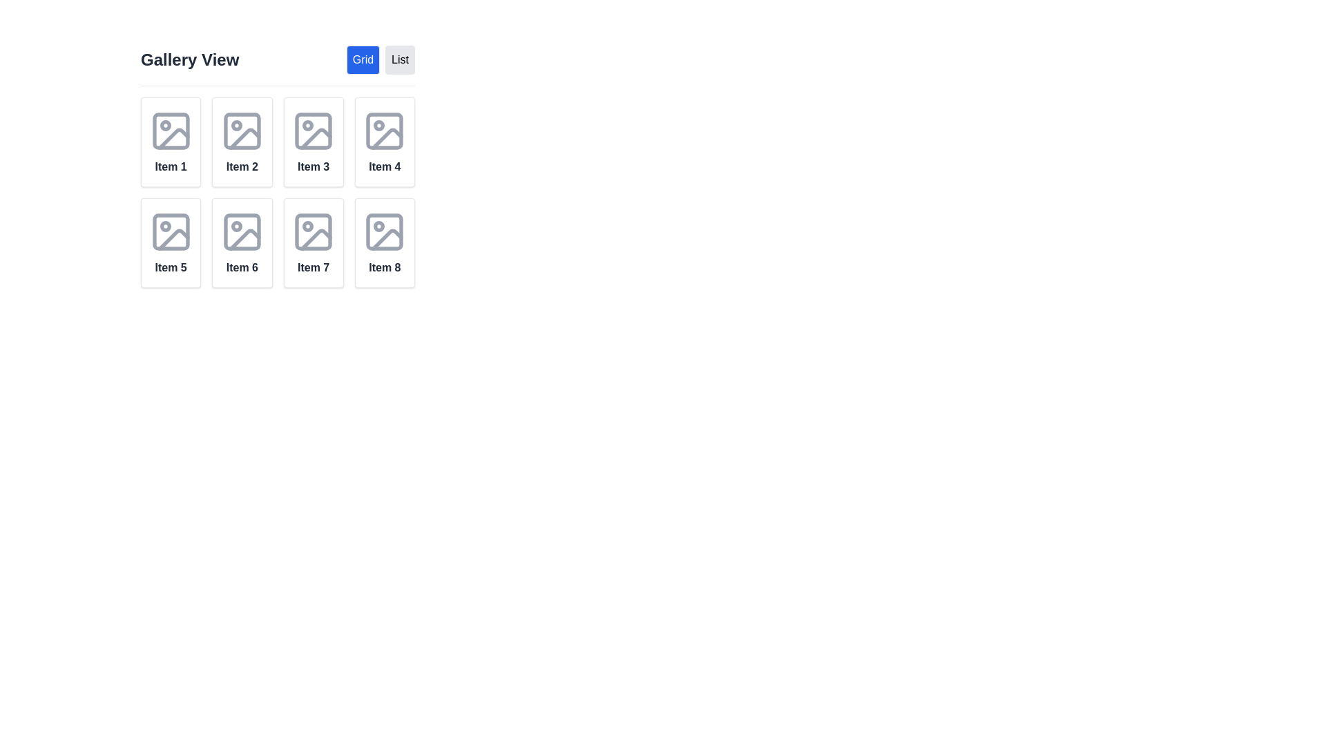 The image size is (1326, 746). I want to click on the text 'Item 3' located in the Card element in the first row and third column of the Gallery View, so click(313, 142).